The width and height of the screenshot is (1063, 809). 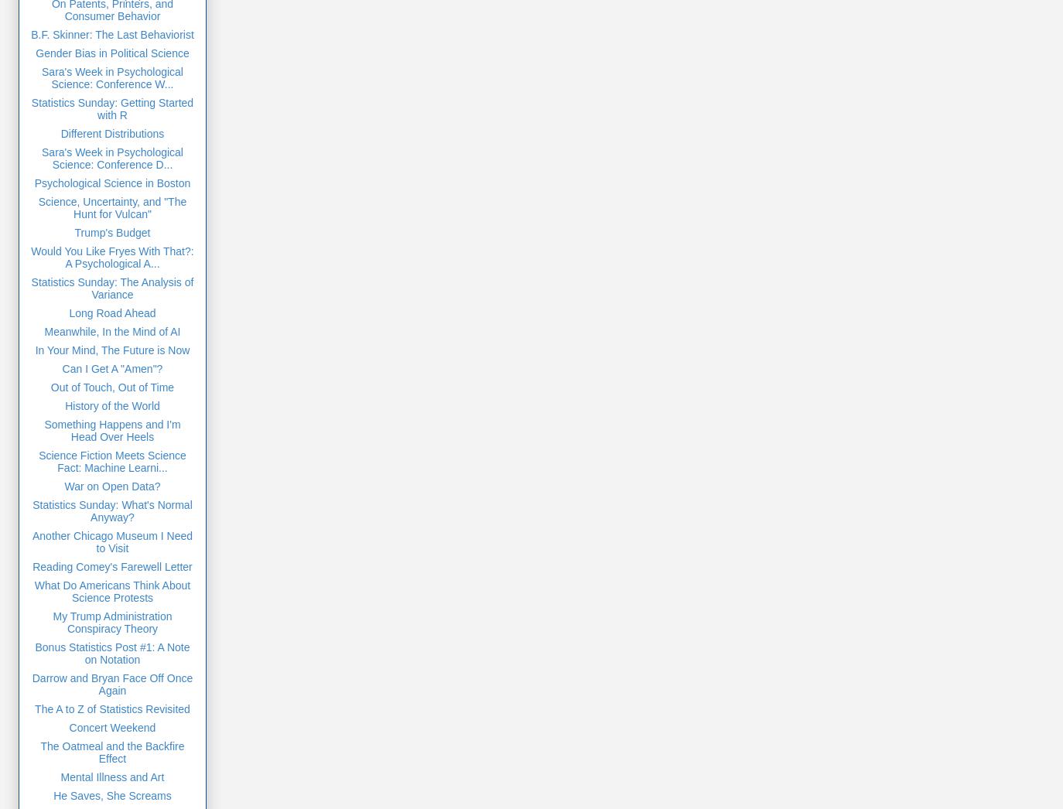 What do you see at coordinates (111, 330) in the screenshot?
I see `'Meanwhile, In the Mind of AI'` at bounding box center [111, 330].